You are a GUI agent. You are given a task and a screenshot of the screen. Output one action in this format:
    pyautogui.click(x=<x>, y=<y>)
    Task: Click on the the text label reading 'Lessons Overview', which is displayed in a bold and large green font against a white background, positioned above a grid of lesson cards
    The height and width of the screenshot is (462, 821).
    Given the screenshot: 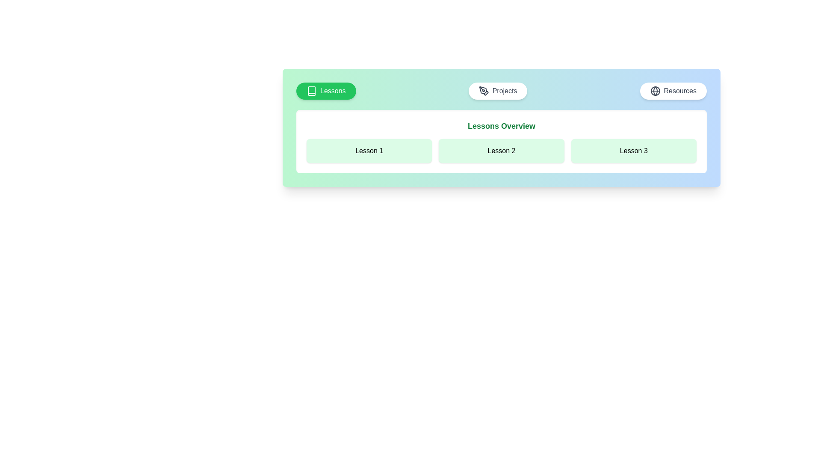 What is the action you would take?
    pyautogui.click(x=501, y=126)
    